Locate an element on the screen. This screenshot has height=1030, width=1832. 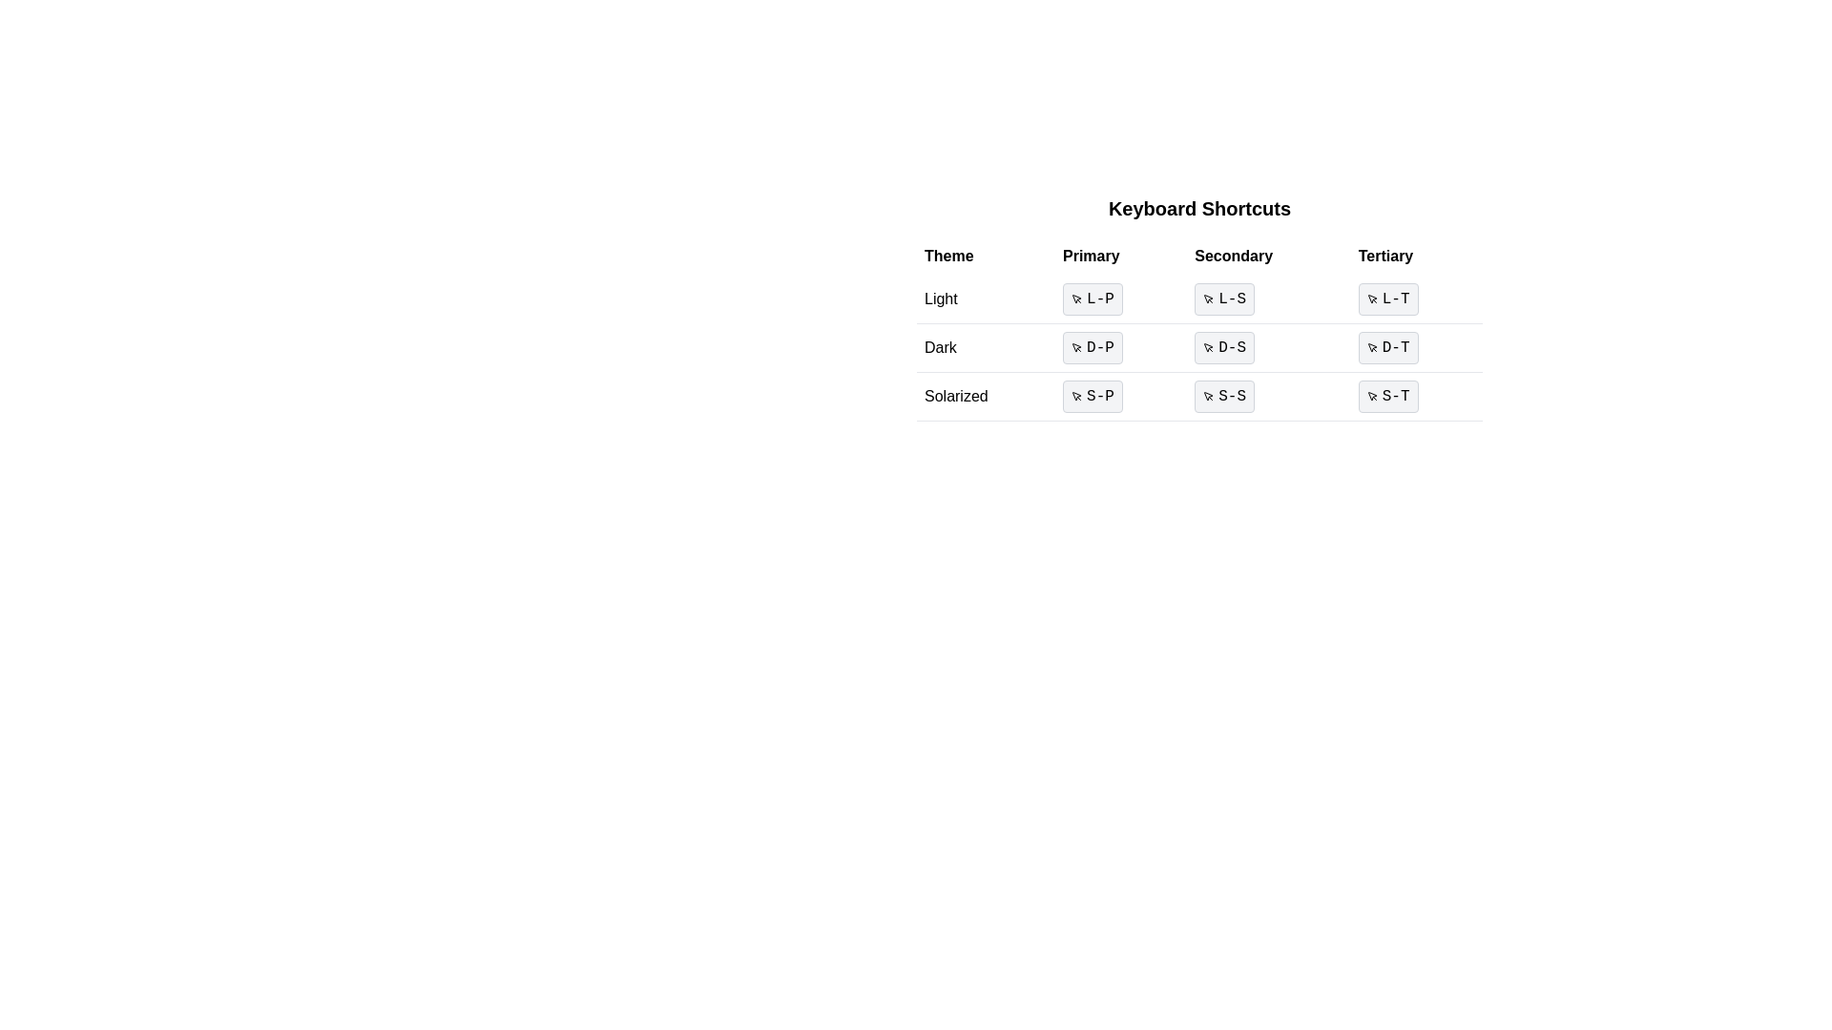
the second button in the 'Dark' row under the 'Secondary' column is located at coordinates (1198, 348).